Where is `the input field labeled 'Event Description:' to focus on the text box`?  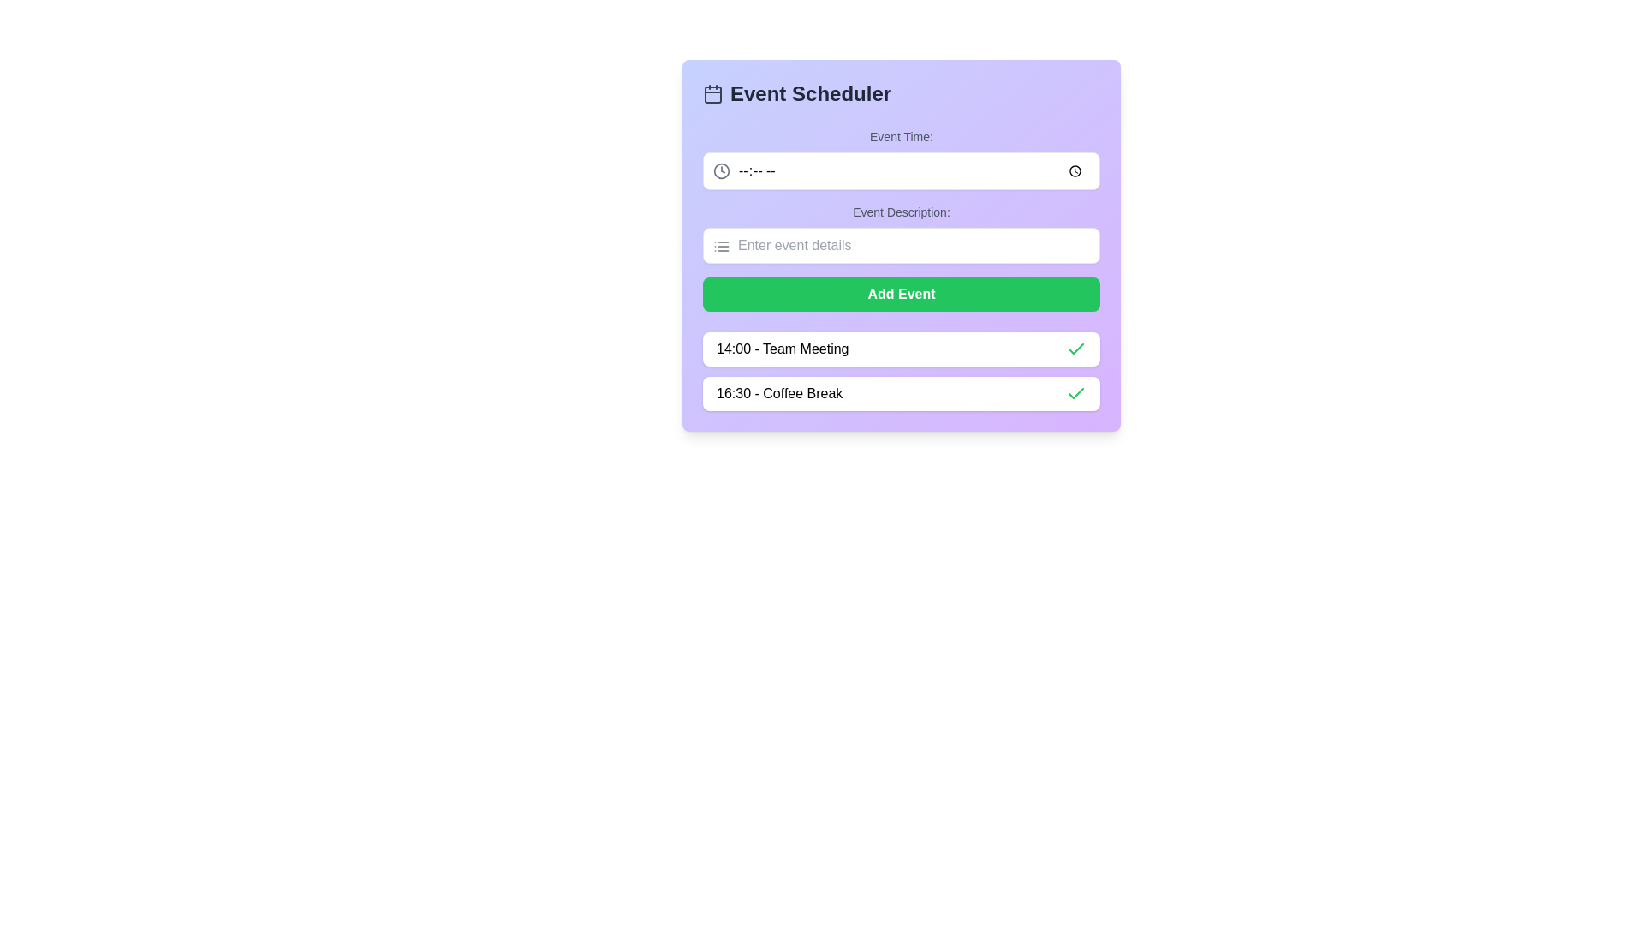 the input field labeled 'Event Description:' to focus on the text box is located at coordinates (900, 234).